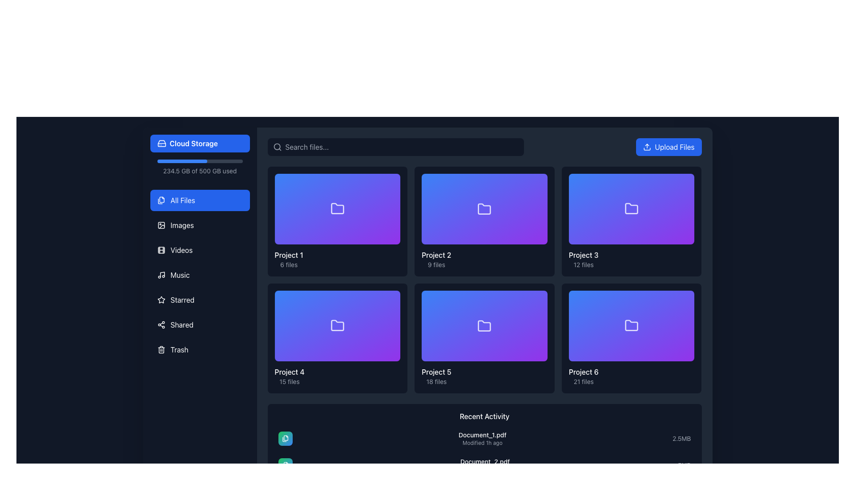 The width and height of the screenshot is (854, 480). Describe the element at coordinates (337, 209) in the screenshot. I see `the folder icon representing 'Project 1'` at that location.